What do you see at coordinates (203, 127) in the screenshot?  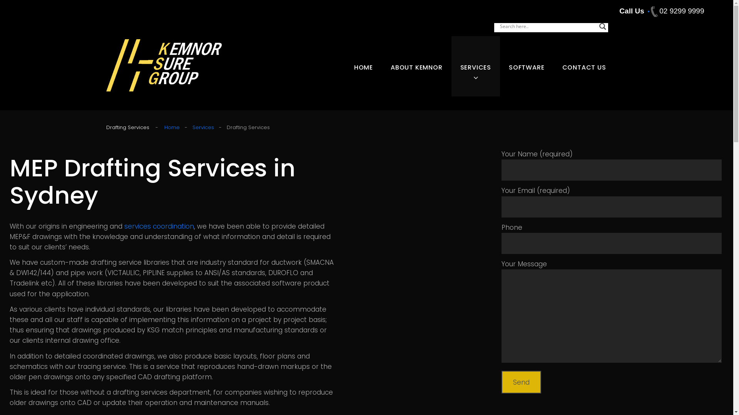 I see `'Services'` at bounding box center [203, 127].